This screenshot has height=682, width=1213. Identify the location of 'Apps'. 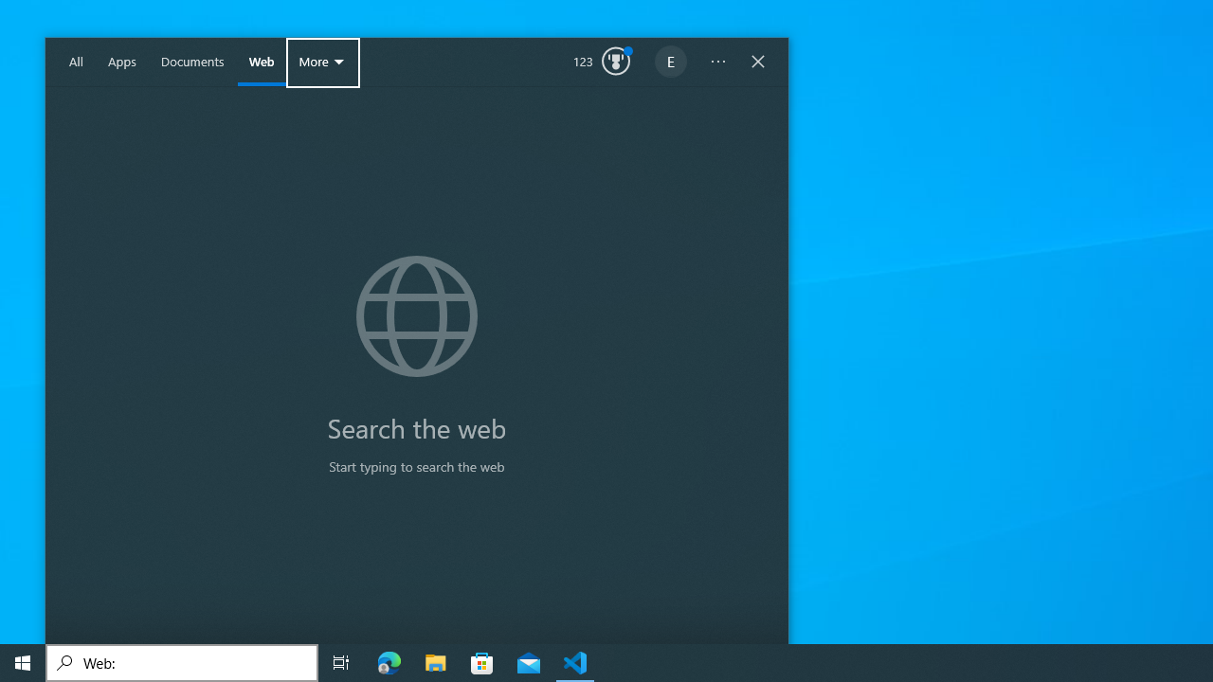
(121, 62).